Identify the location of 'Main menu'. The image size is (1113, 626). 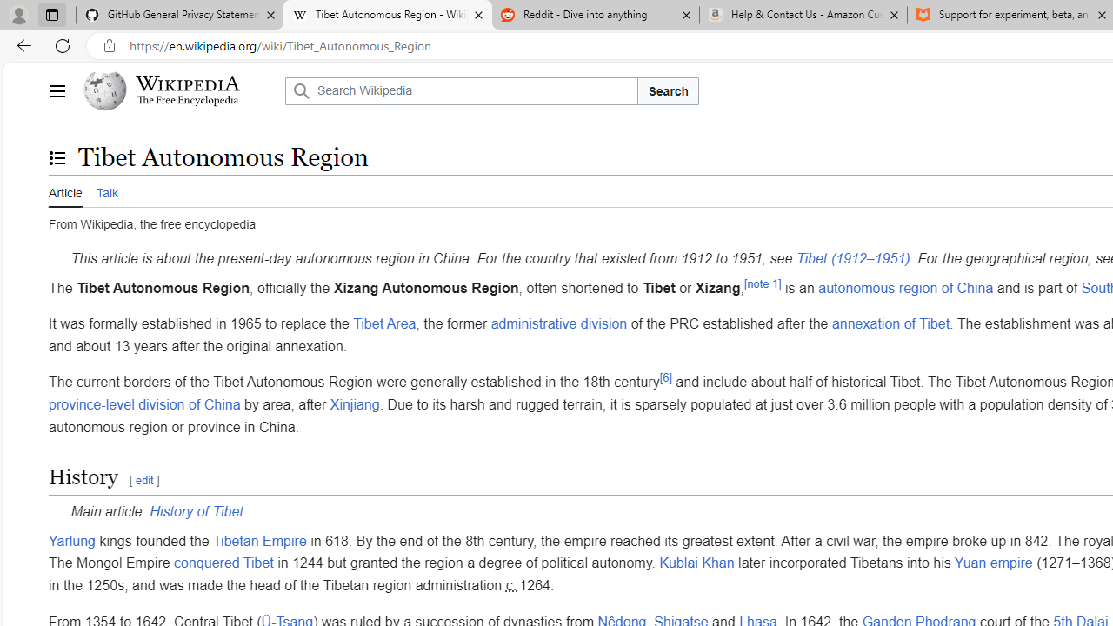
(57, 91).